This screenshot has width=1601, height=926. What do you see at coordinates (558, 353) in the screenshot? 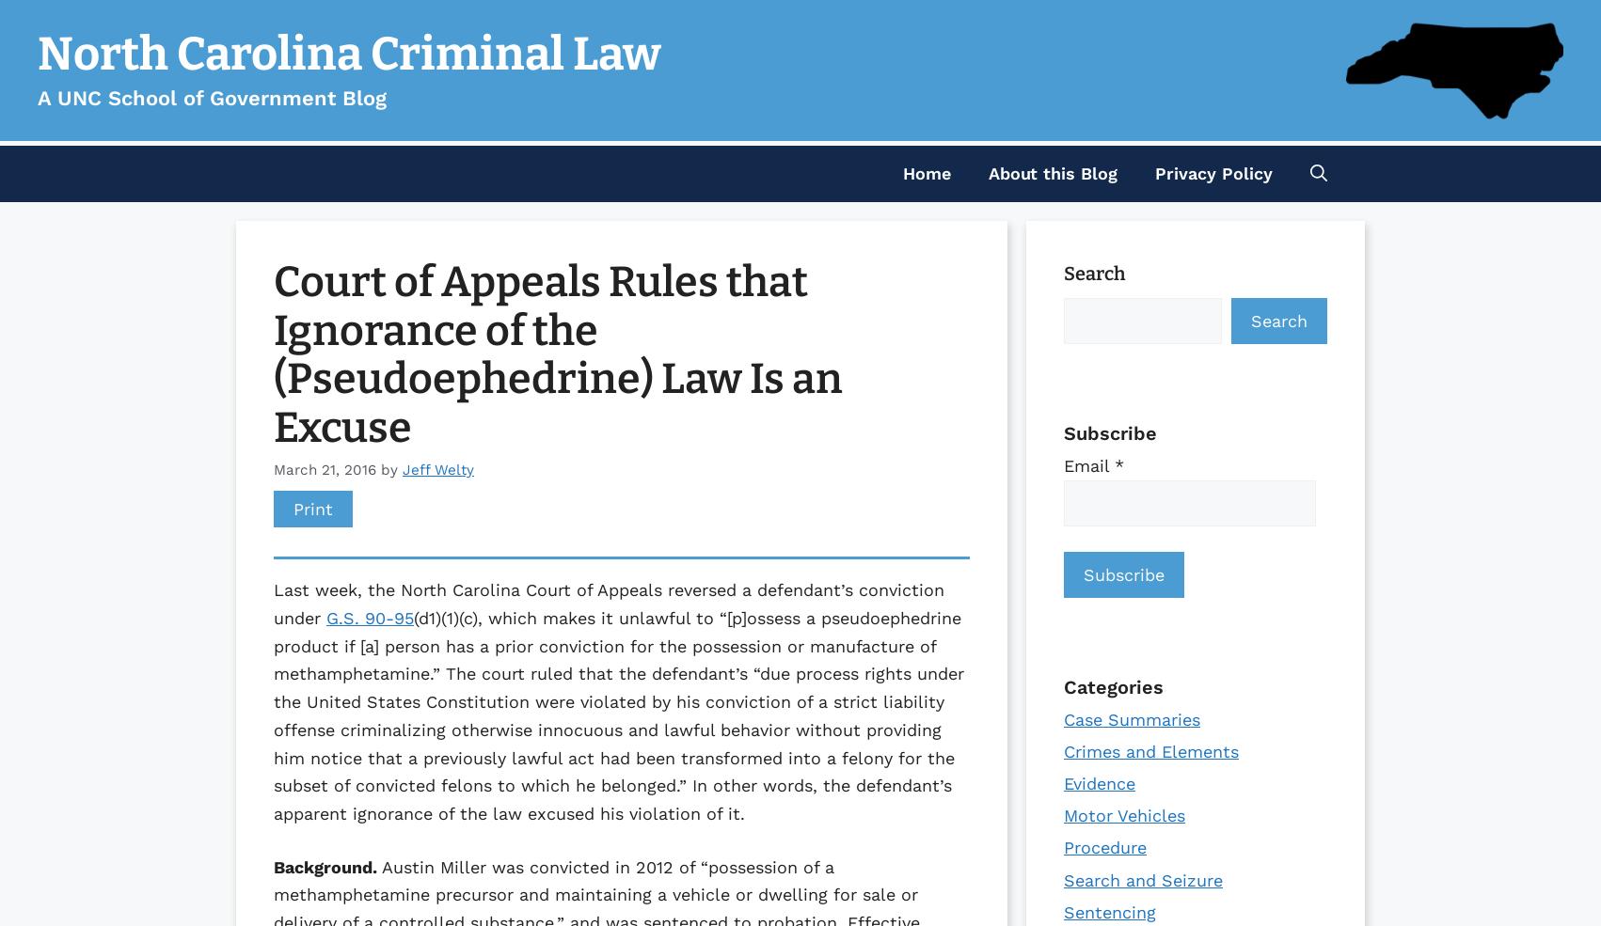
I see `'Court of Appeals Rules that Ignorance of the (Pseudoephedrine) Law Is an Excuse'` at bounding box center [558, 353].